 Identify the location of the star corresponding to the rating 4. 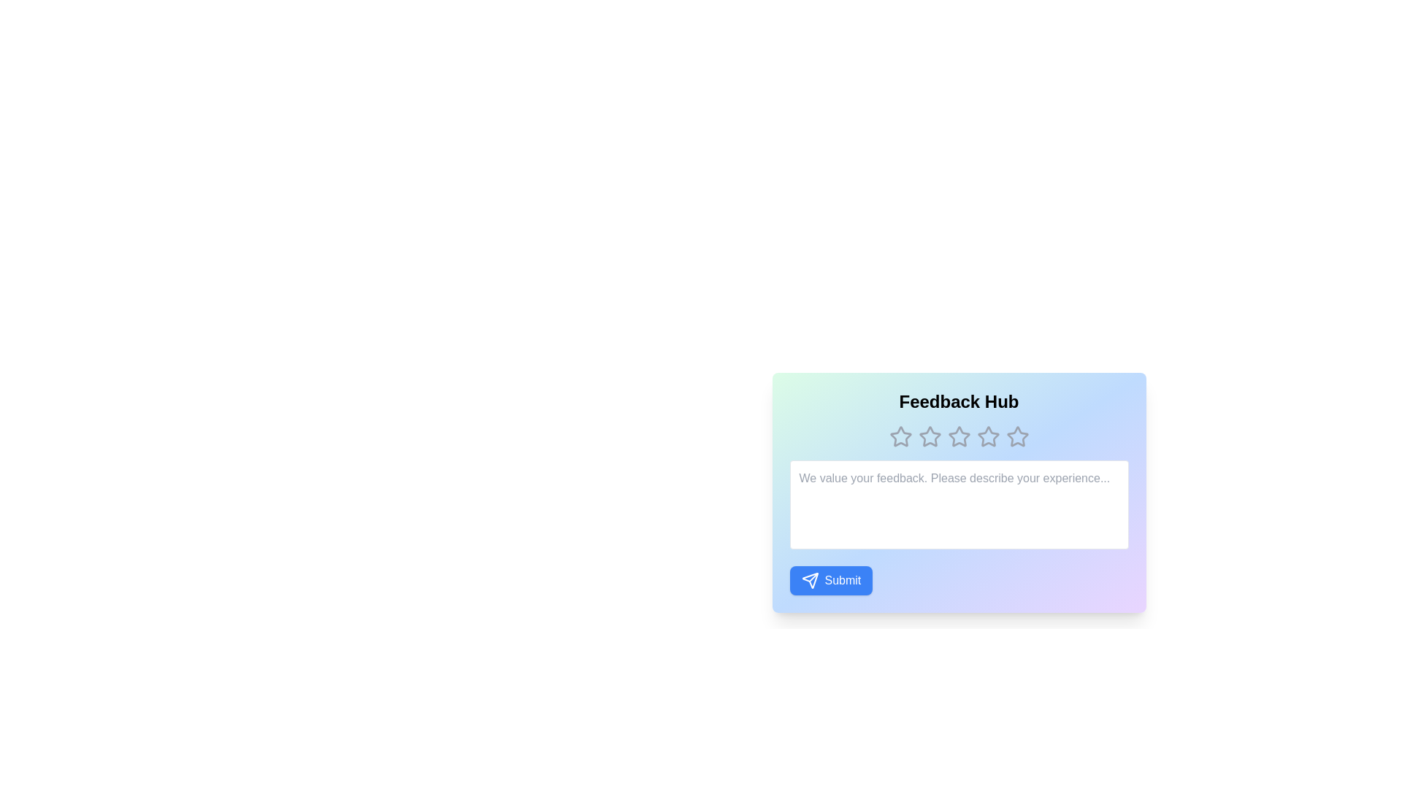
(988, 436).